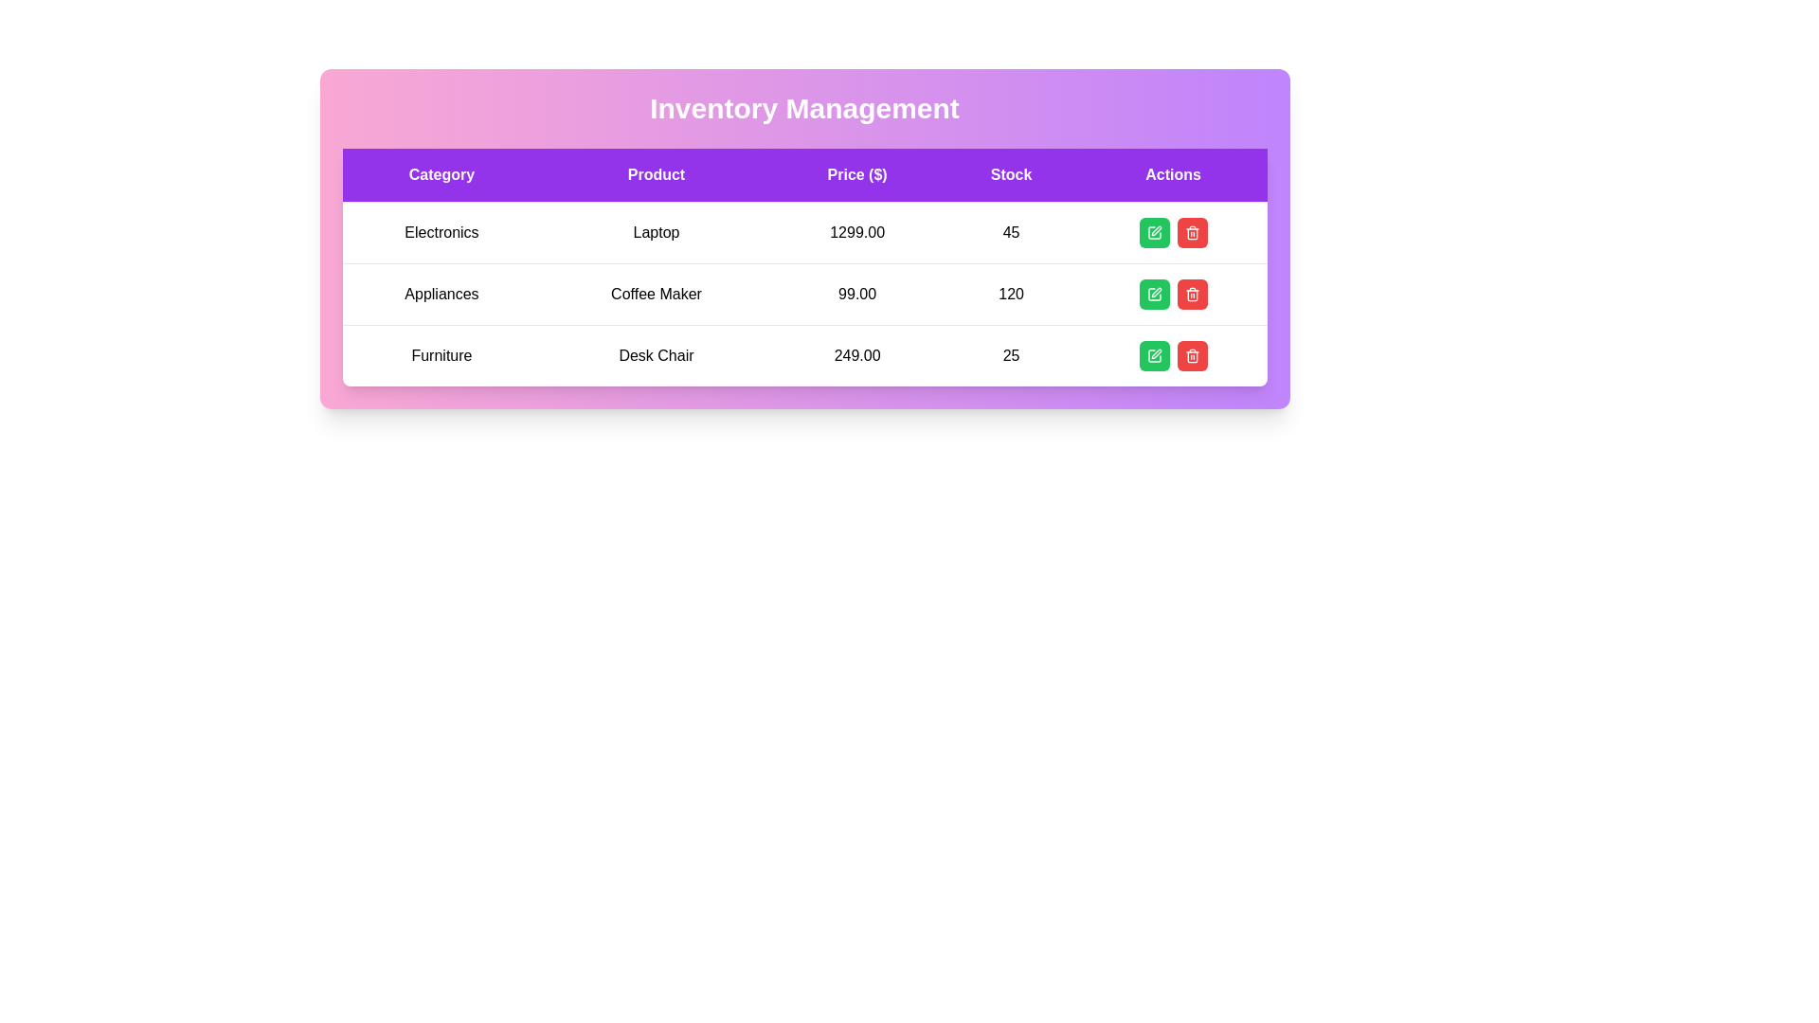  What do you see at coordinates (1153, 355) in the screenshot?
I see `the pen icon in the last row of the Actions column to initiate editing` at bounding box center [1153, 355].